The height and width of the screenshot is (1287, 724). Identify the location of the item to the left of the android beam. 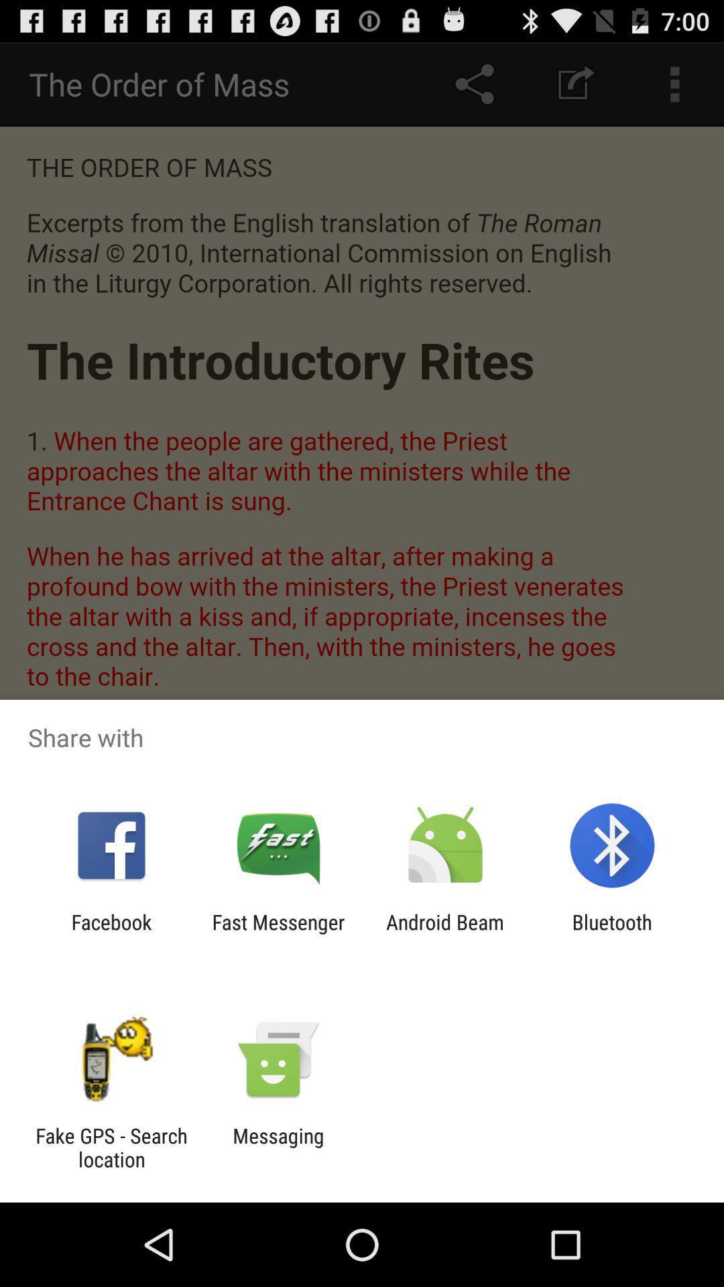
(278, 933).